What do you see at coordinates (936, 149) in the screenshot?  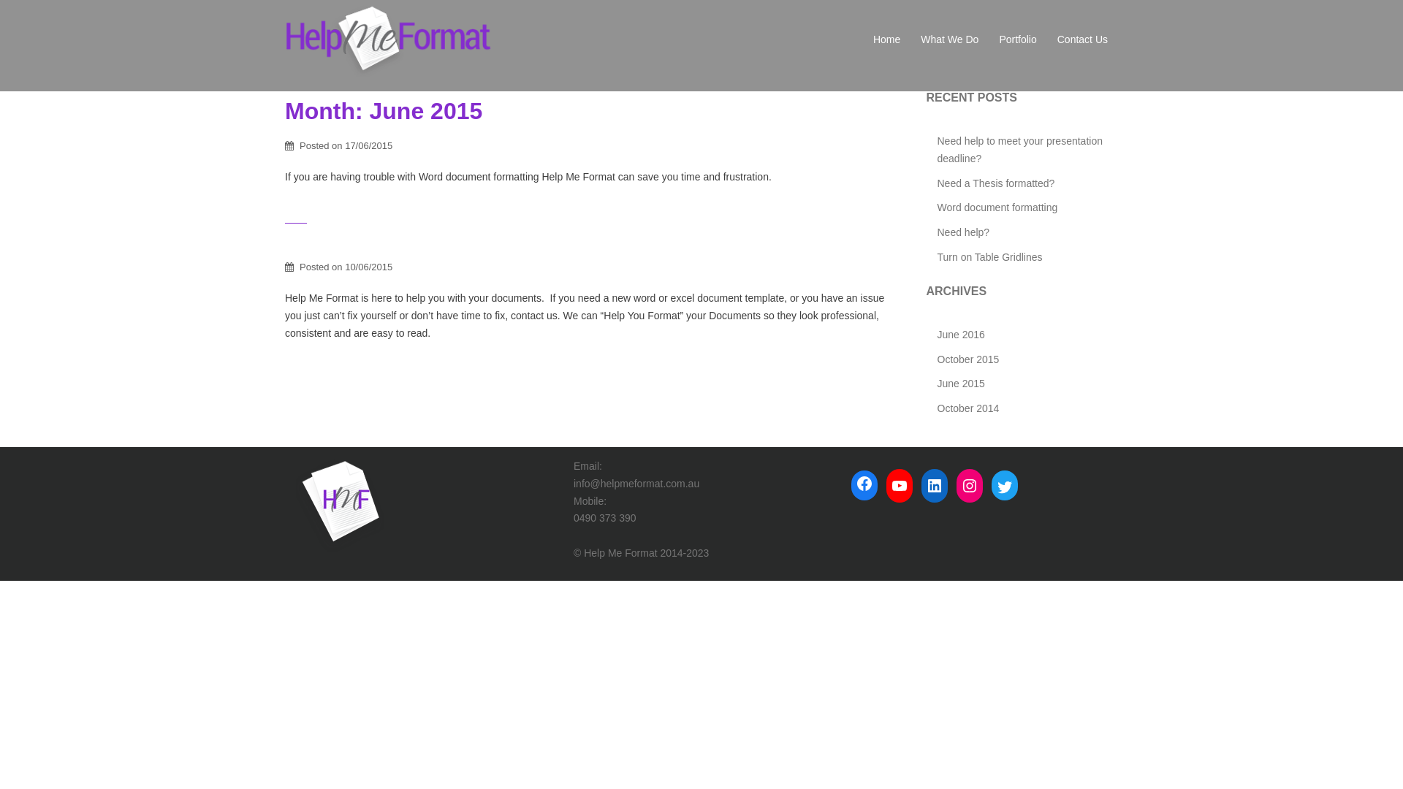 I see `'Need help to meet your presentation deadline?'` at bounding box center [936, 149].